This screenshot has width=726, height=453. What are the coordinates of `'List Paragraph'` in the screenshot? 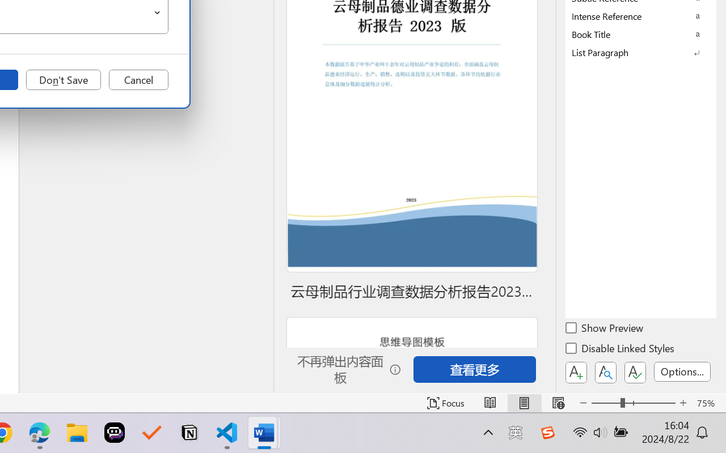 It's located at (641, 52).